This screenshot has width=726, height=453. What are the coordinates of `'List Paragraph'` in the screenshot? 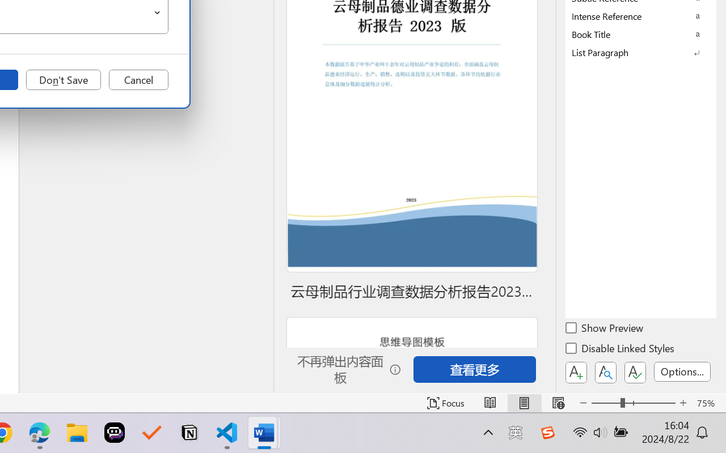 It's located at (641, 52).